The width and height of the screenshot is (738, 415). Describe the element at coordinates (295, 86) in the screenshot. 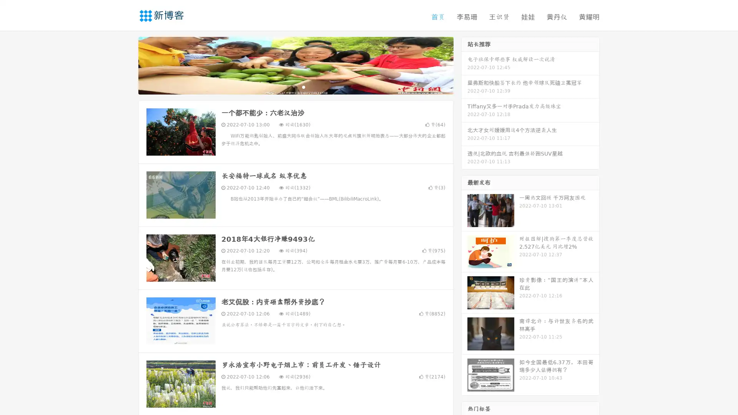

I see `Go to slide 2` at that location.